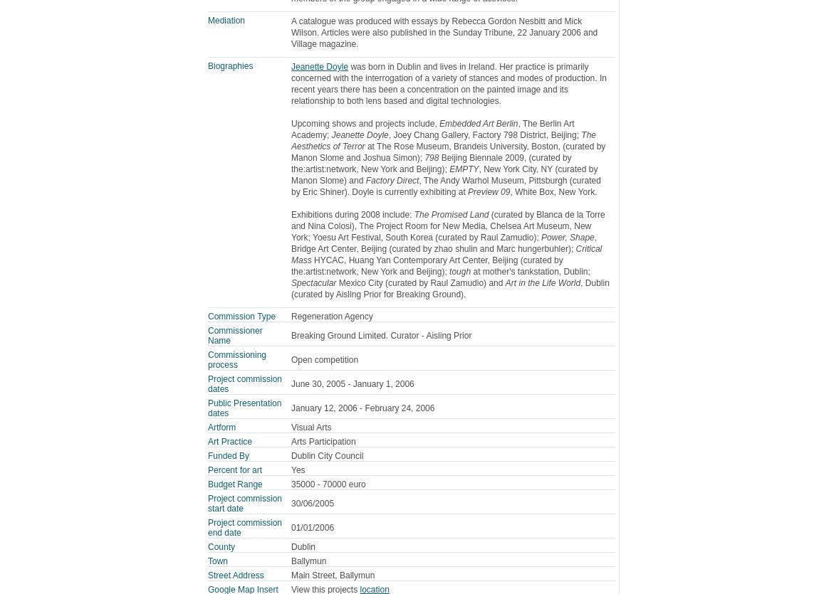  Describe the element at coordinates (333, 575) in the screenshot. I see `'Main Street, Ballymun'` at that location.